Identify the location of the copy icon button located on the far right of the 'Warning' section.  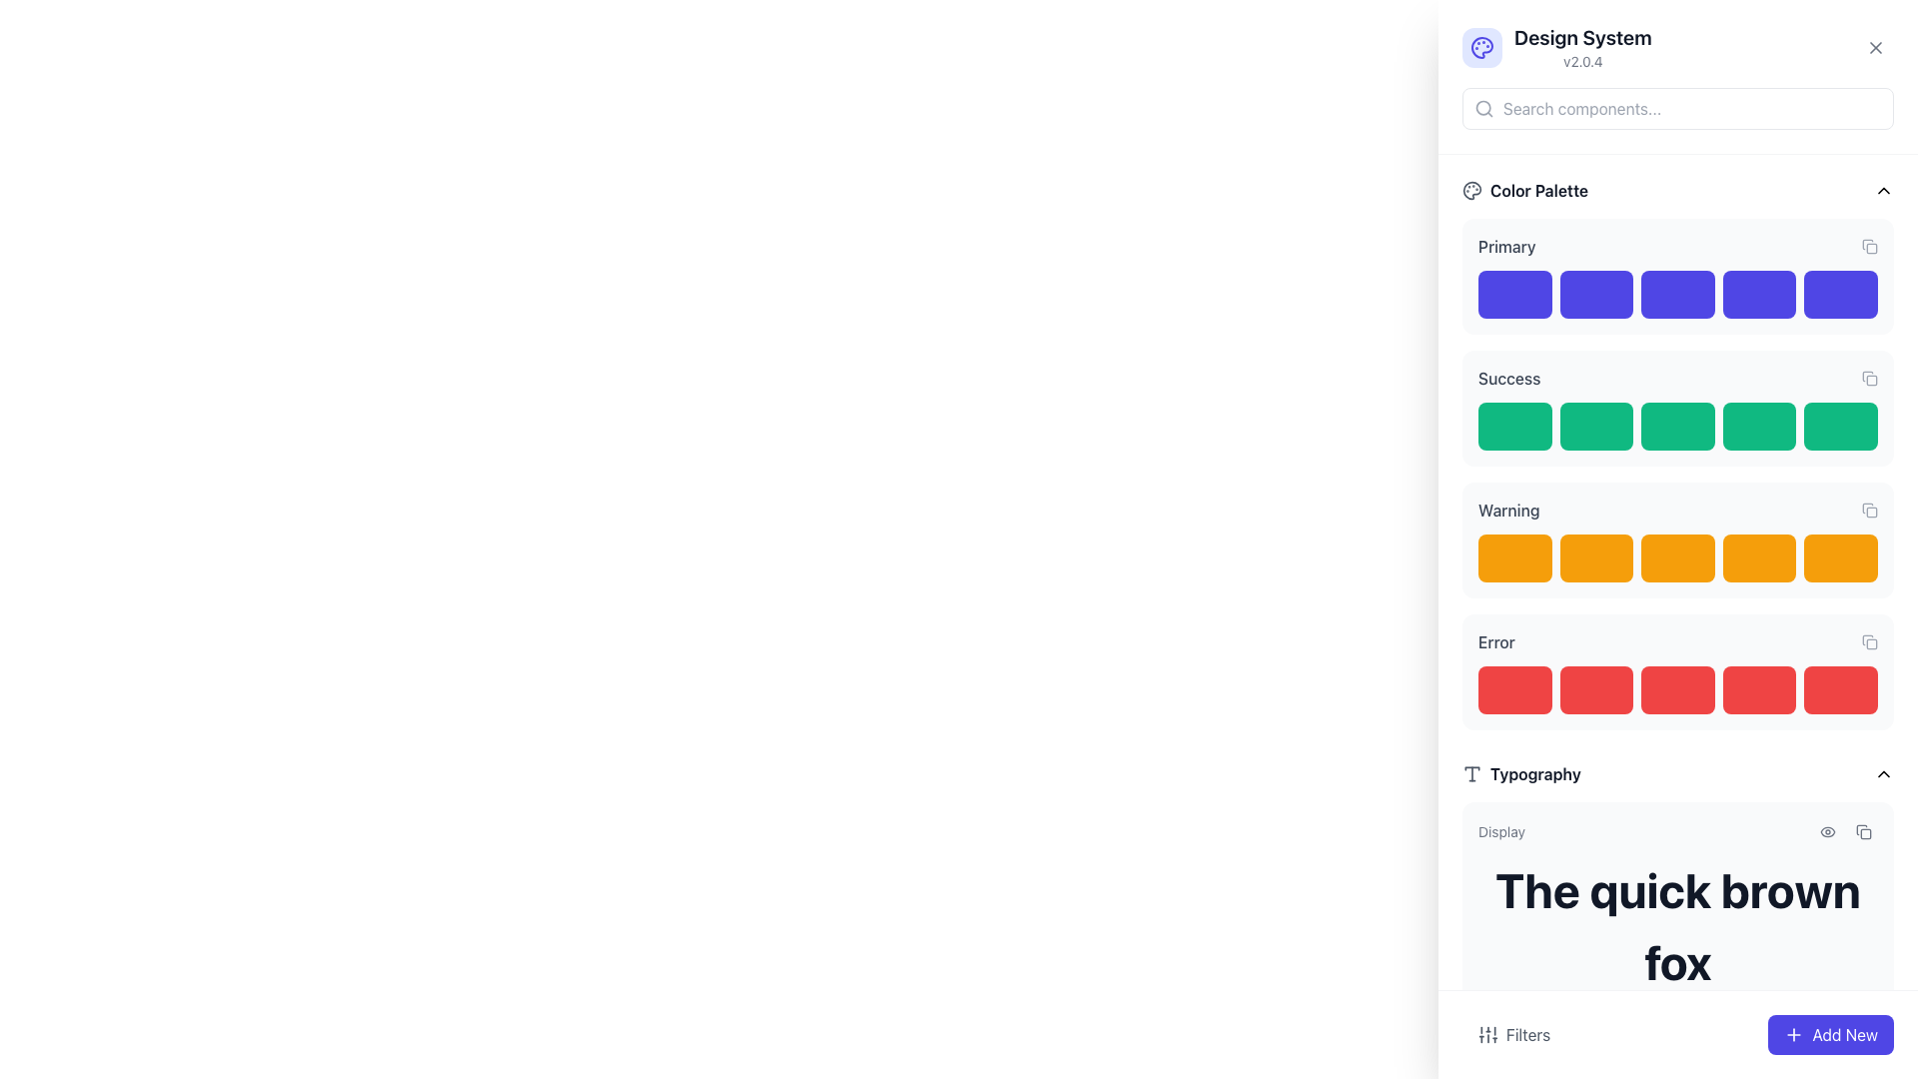
(1869, 509).